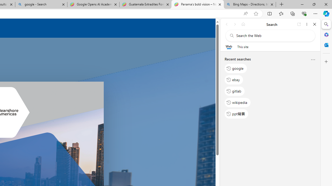 This screenshot has width=332, height=186. Describe the element at coordinates (236, 68) in the screenshot. I see `'google'` at that location.